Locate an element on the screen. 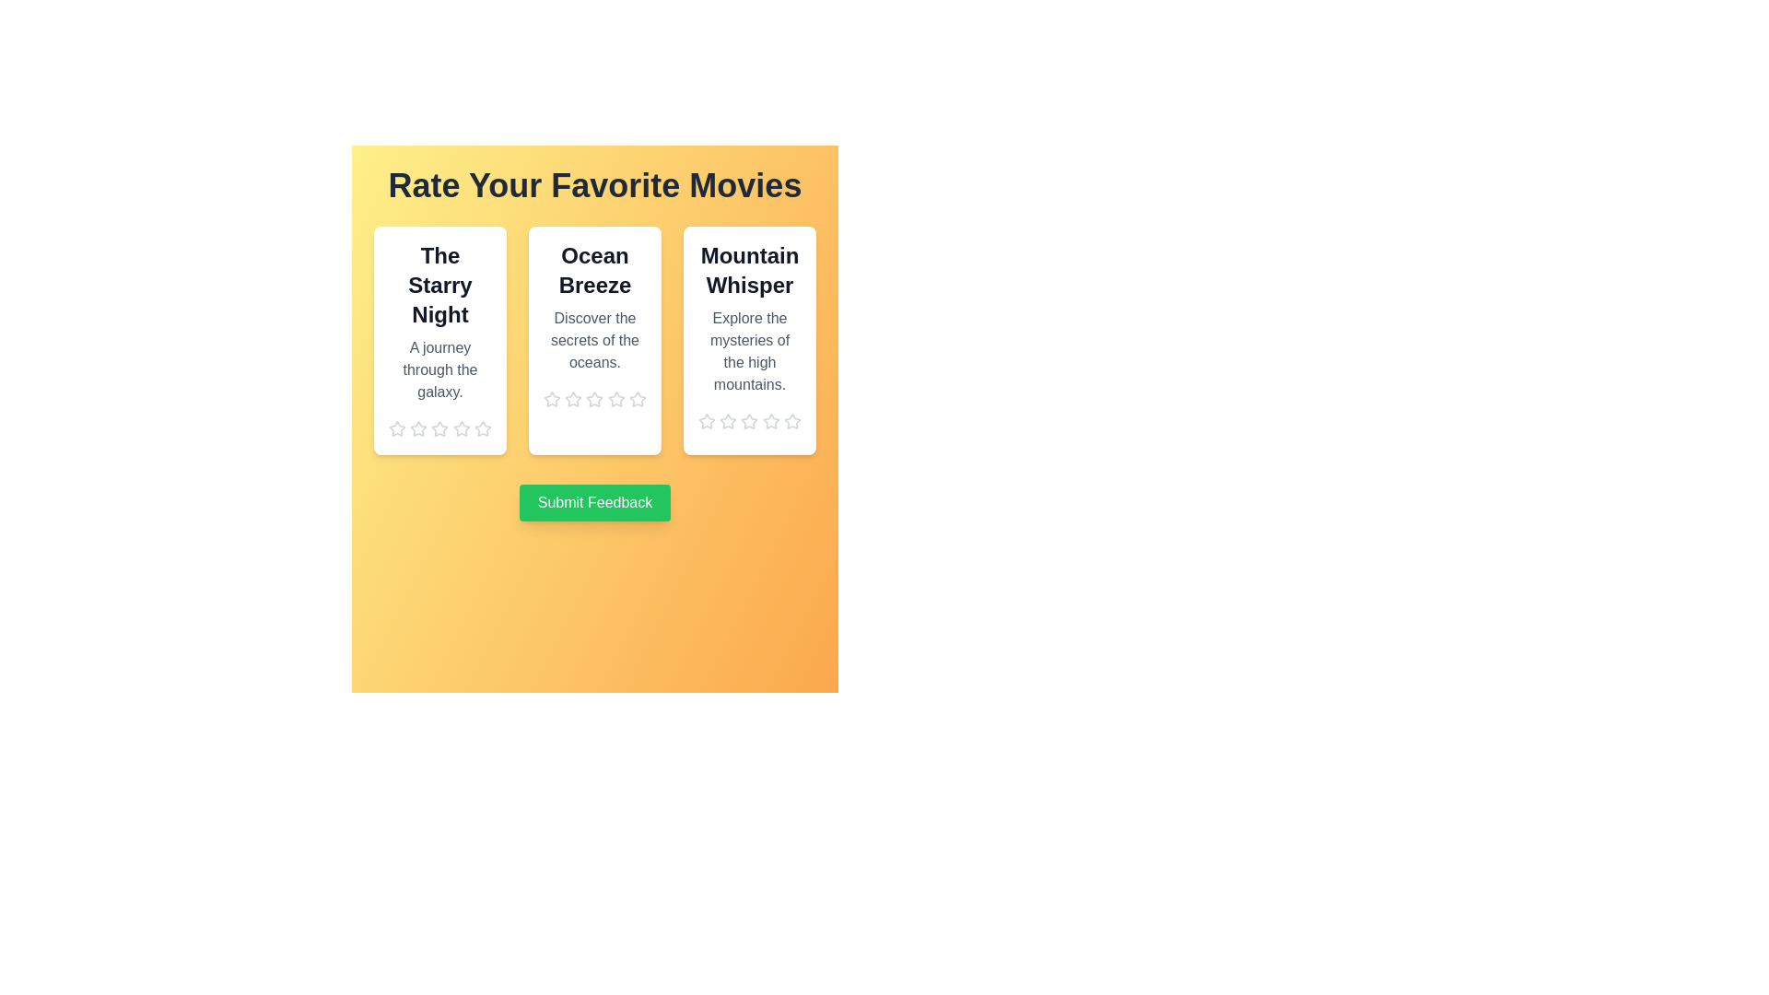  the star corresponding to 2 stars to preview the rating is located at coordinates (417, 429).